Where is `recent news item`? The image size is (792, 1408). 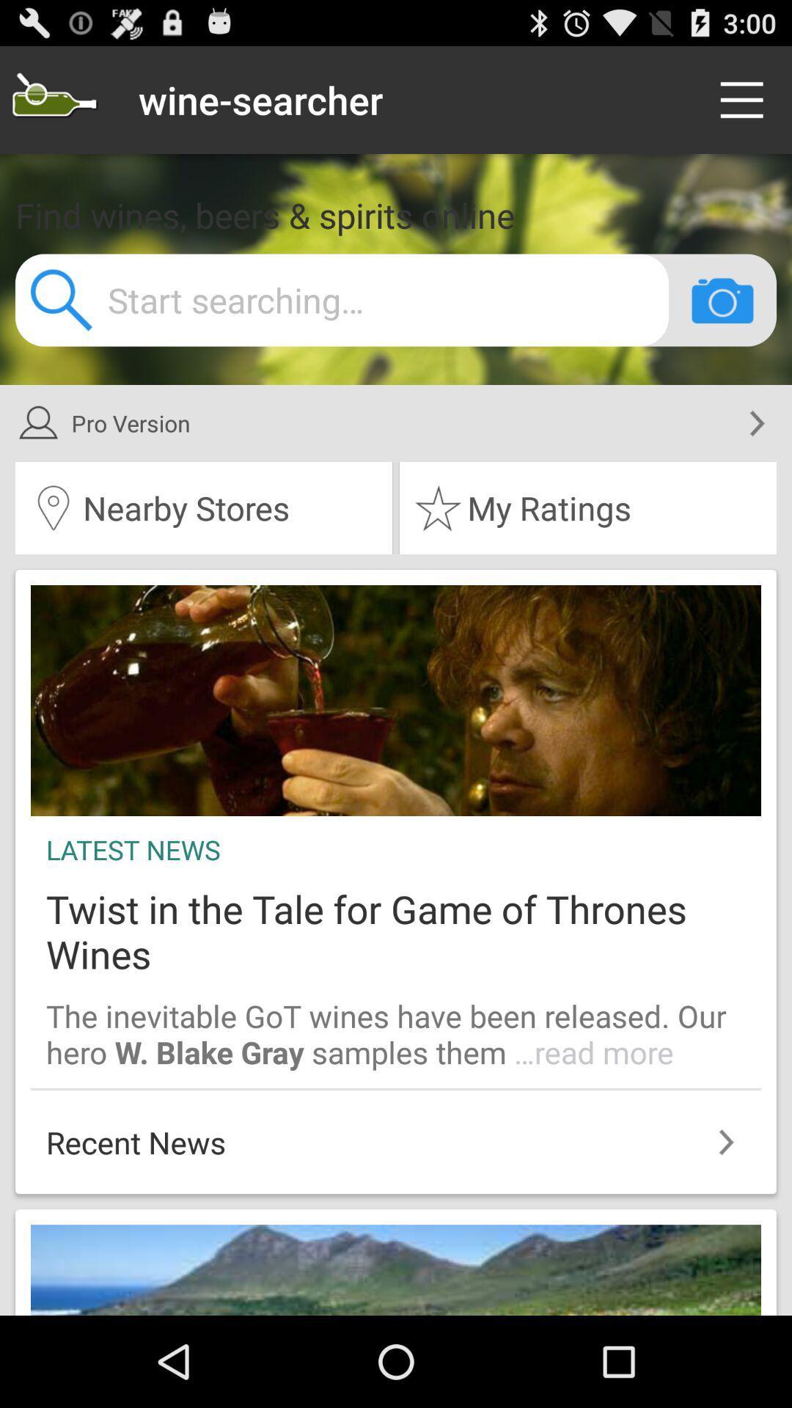 recent news item is located at coordinates (396, 1134).